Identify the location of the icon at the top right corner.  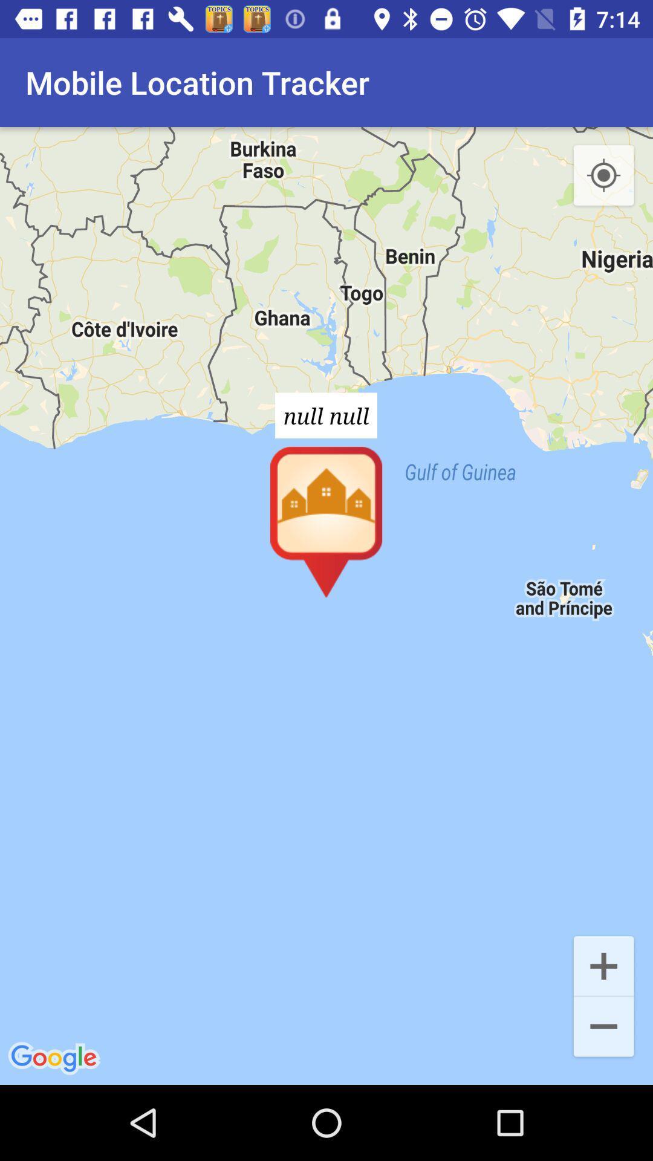
(603, 175).